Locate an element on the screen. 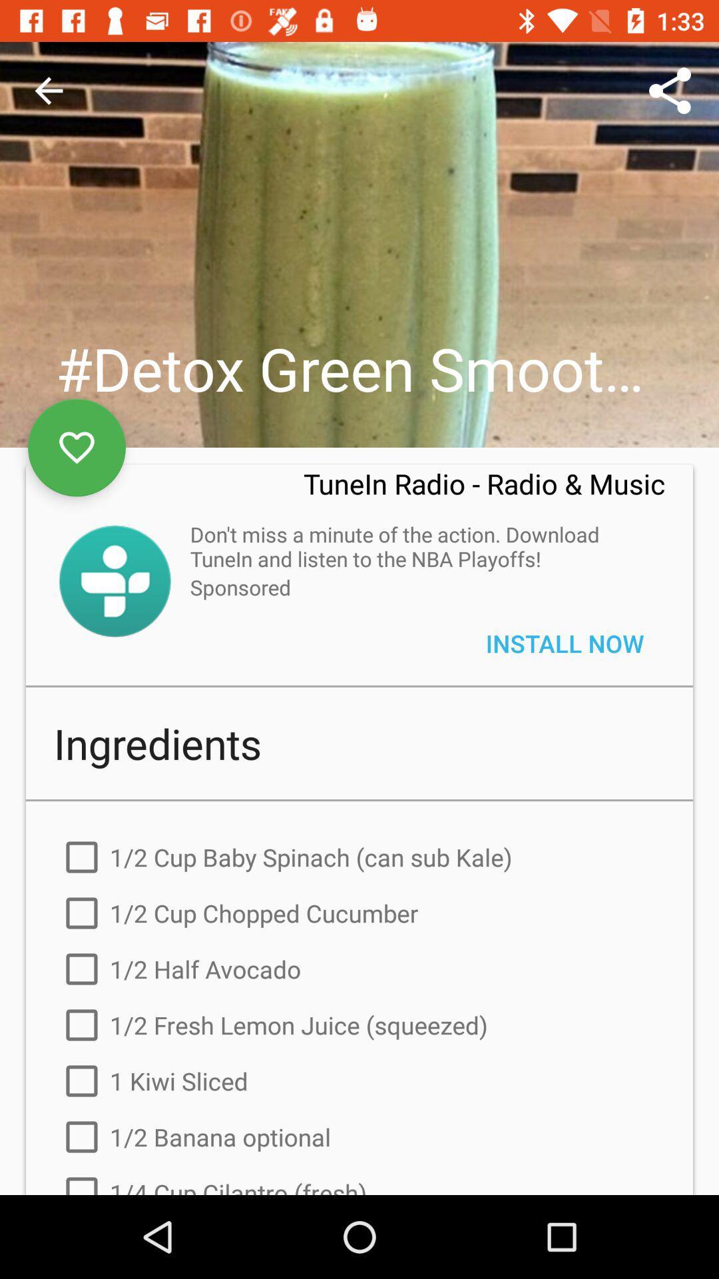 Image resolution: width=719 pixels, height=1279 pixels. the install now item is located at coordinates (565, 643).